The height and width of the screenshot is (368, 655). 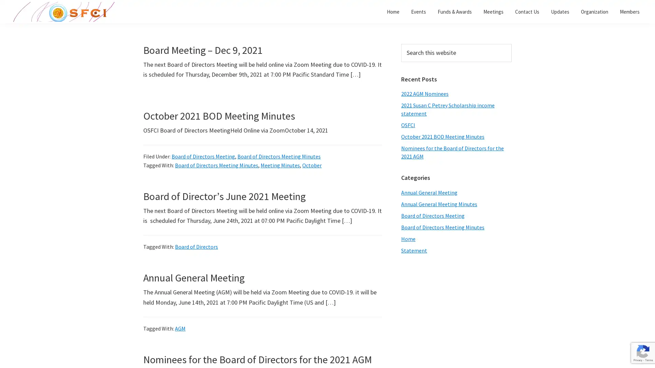 What do you see at coordinates (511, 44) in the screenshot?
I see `Search` at bounding box center [511, 44].